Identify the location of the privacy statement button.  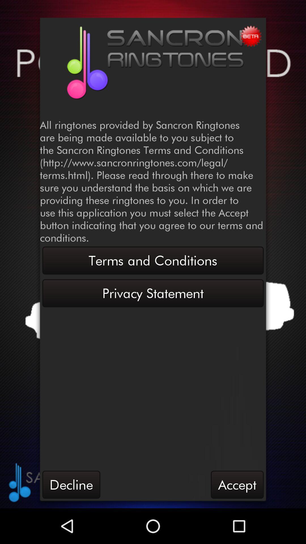
(153, 293).